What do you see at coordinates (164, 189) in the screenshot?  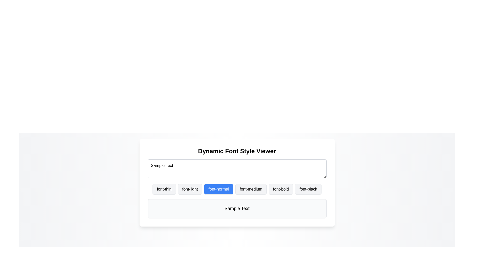 I see `the leftmost button in the group of six buttons` at bounding box center [164, 189].